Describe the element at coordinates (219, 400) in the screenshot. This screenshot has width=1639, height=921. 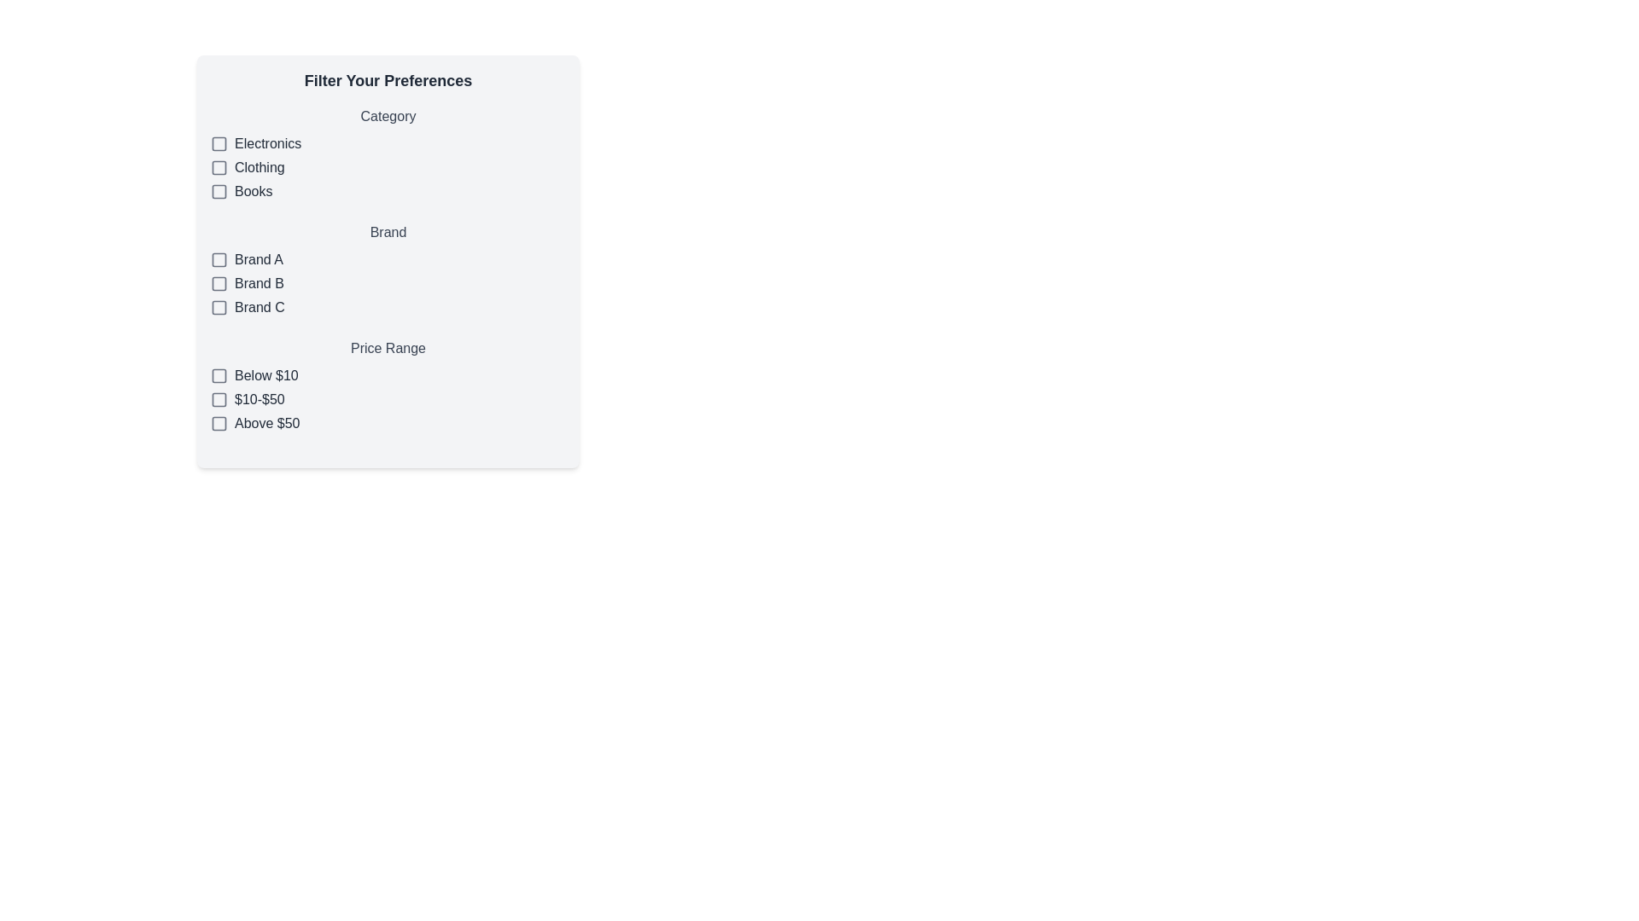
I see `the checkbox labeled '$10-$50' in the 'Price Range' section` at that location.